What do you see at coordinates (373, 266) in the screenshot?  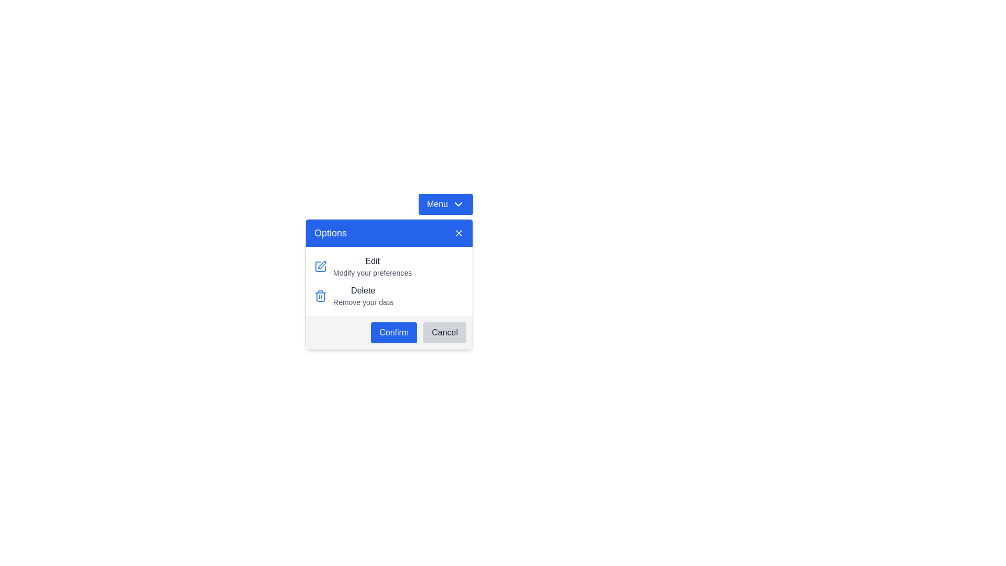 I see `the 'Edit' text label within the 'Options' modal dialog` at bounding box center [373, 266].